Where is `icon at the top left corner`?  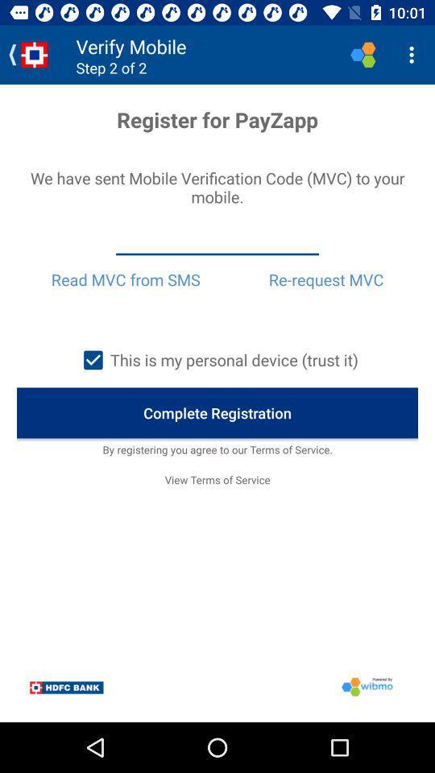 icon at the top left corner is located at coordinates (29, 55).